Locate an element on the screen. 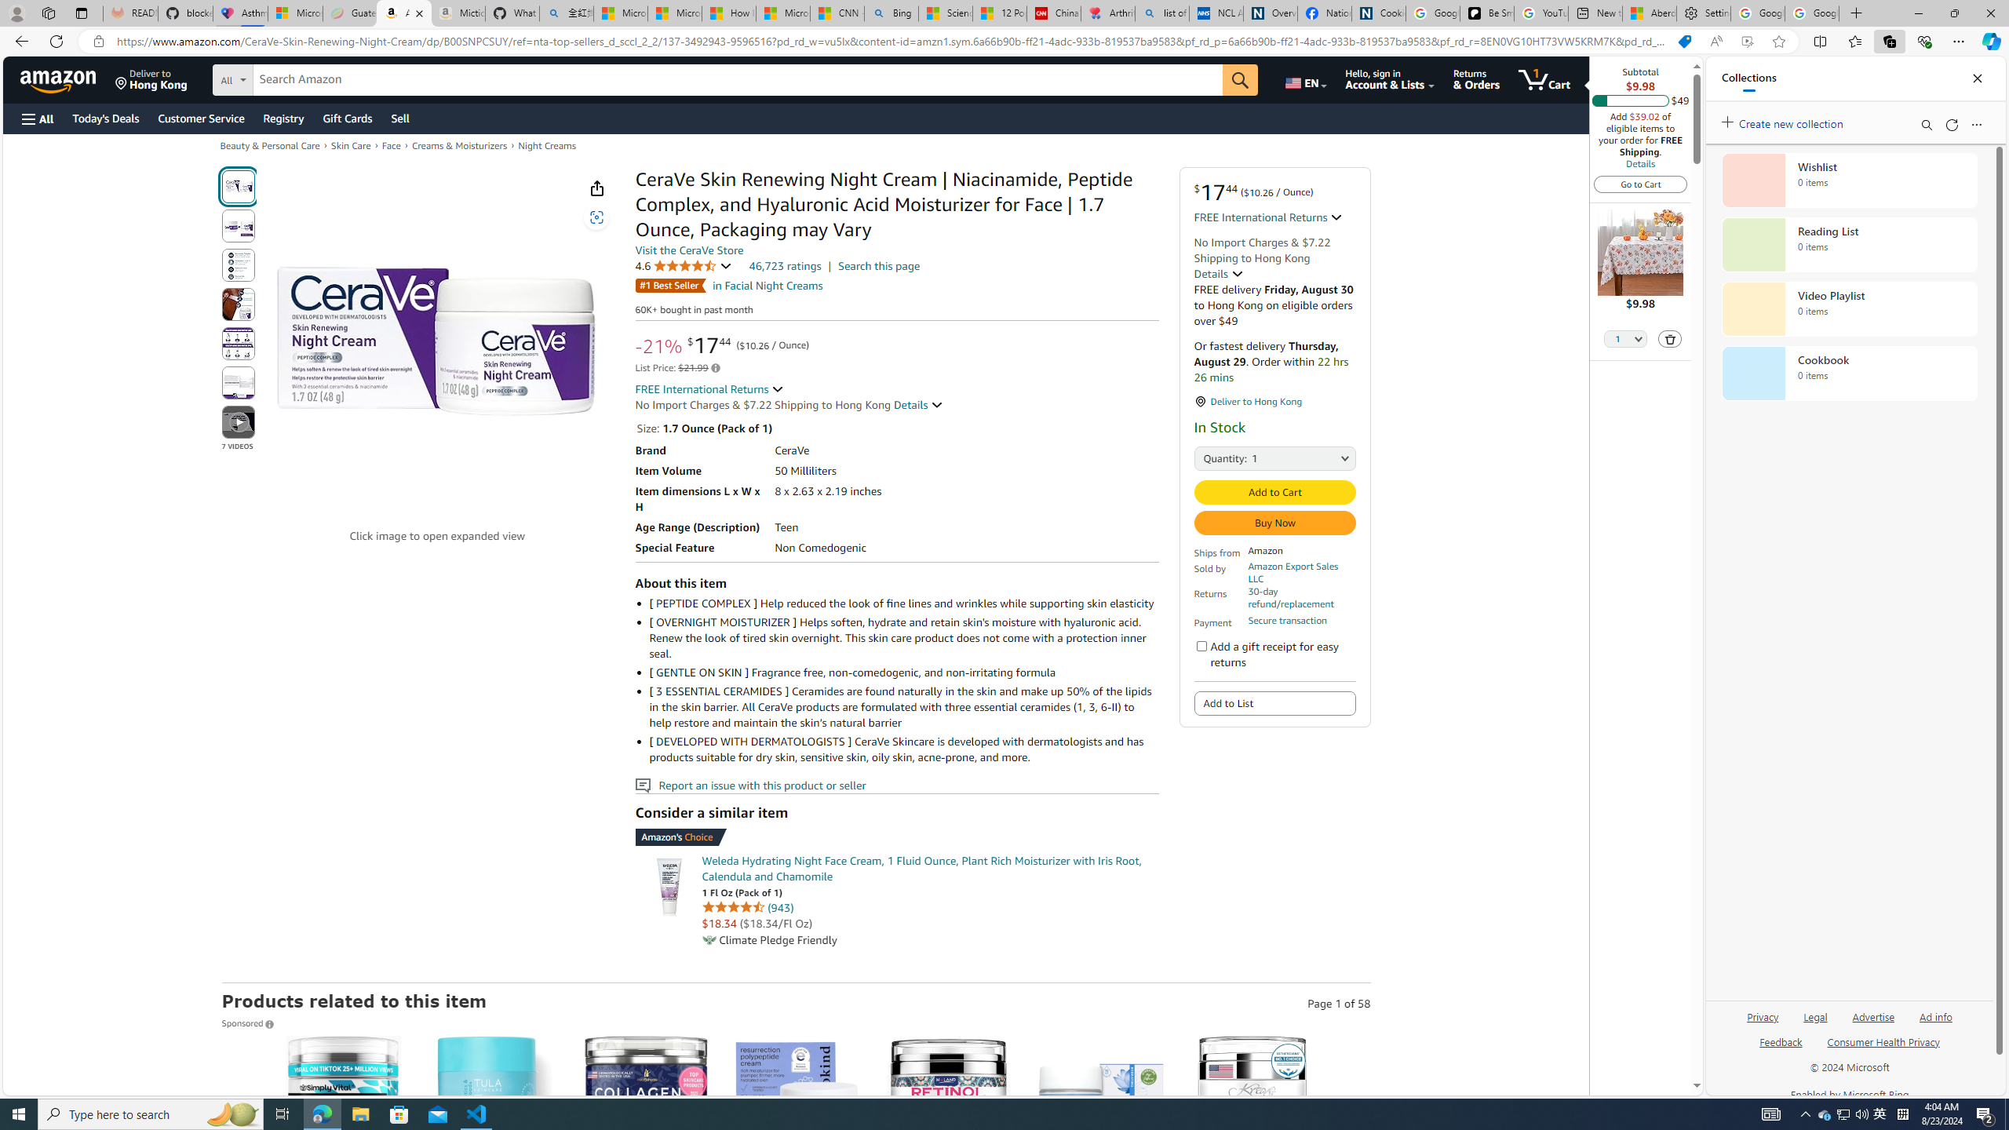 This screenshot has width=2009, height=1130. 'Registry' is located at coordinates (282, 118).